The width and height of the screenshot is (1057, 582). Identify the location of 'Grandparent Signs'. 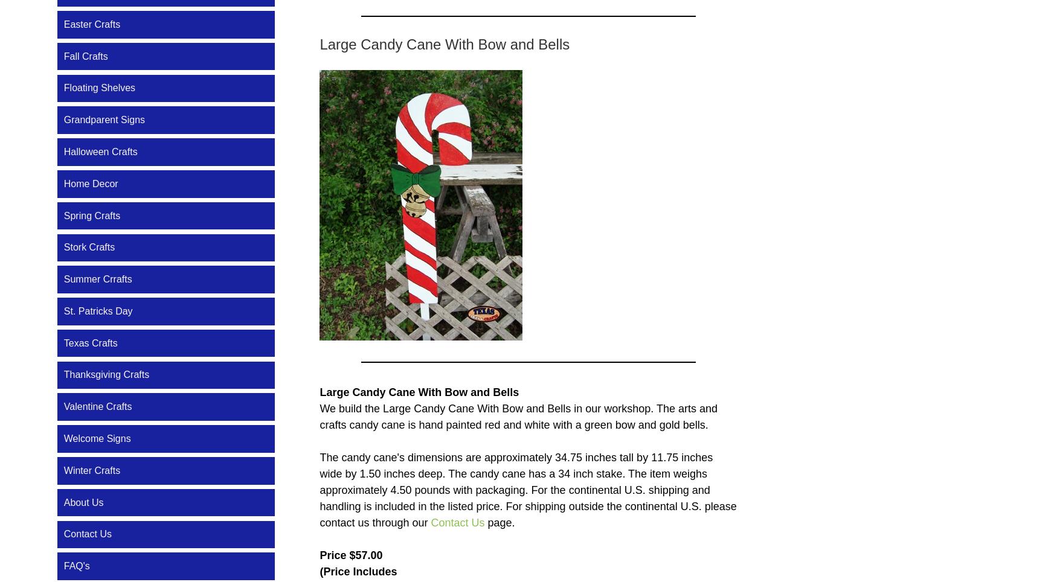
(103, 119).